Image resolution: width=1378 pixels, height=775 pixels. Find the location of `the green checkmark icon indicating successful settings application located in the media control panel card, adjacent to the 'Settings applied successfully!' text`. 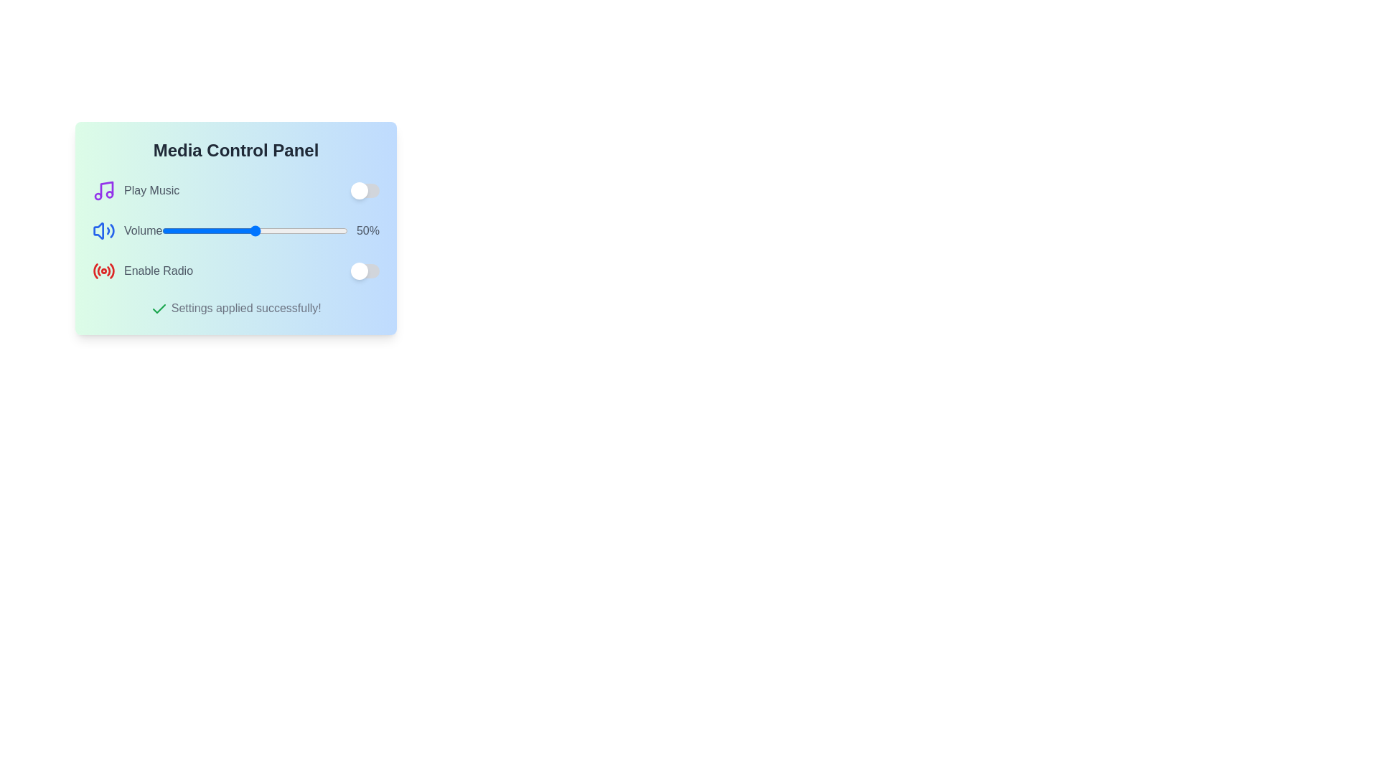

the green checkmark icon indicating successful settings application located in the media control panel card, adjacent to the 'Settings applied successfully!' text is located at coordinates (159, 308).